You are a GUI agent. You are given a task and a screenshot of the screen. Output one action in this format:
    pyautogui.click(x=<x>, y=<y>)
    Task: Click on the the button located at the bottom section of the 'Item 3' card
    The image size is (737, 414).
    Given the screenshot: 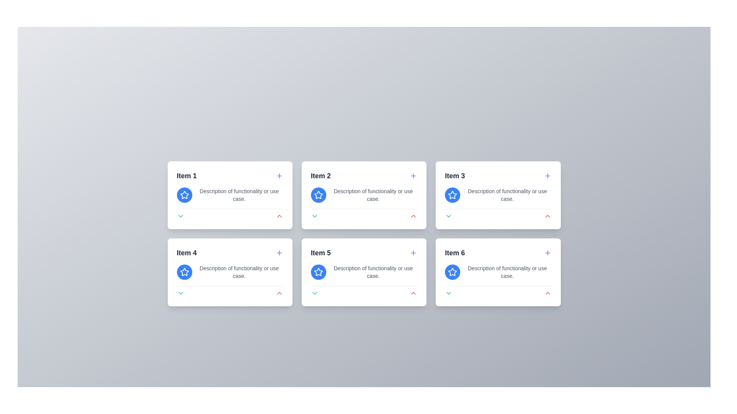 What is the action you would take?
    pyautogui.click(x=547, y=216)
    